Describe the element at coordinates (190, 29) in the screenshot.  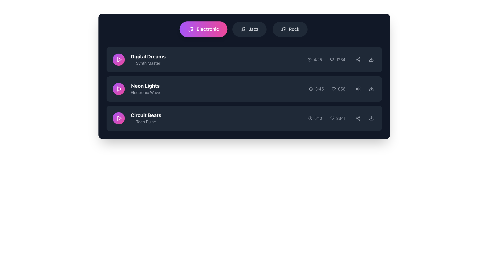
I see `the 'Electronic' button` at that location.